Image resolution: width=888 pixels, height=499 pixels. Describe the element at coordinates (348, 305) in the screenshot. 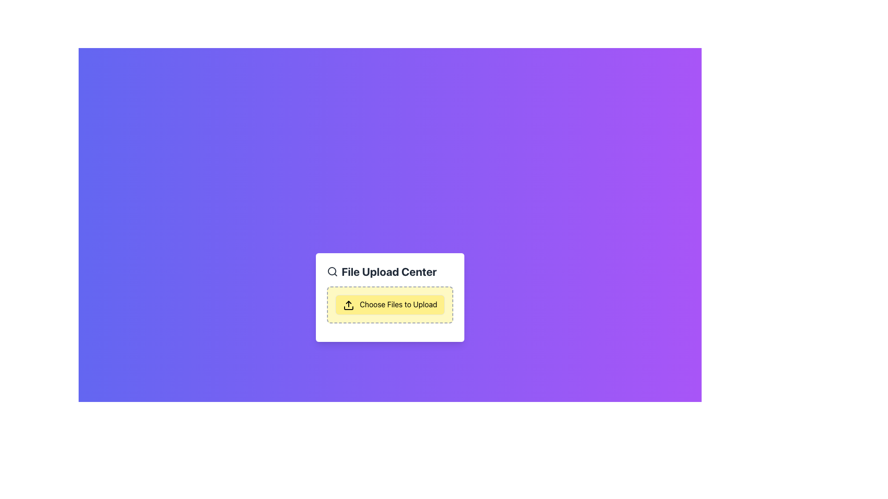

I see `the upload icon located at the far left within the 'Choose Files to Upload' button` at that location.